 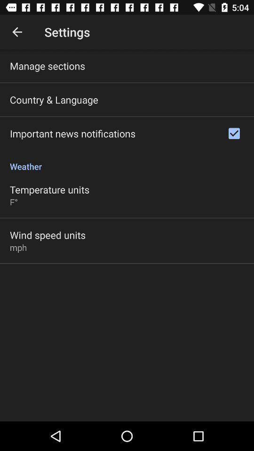 I want to click on country & language, so click(x=54, y=100).